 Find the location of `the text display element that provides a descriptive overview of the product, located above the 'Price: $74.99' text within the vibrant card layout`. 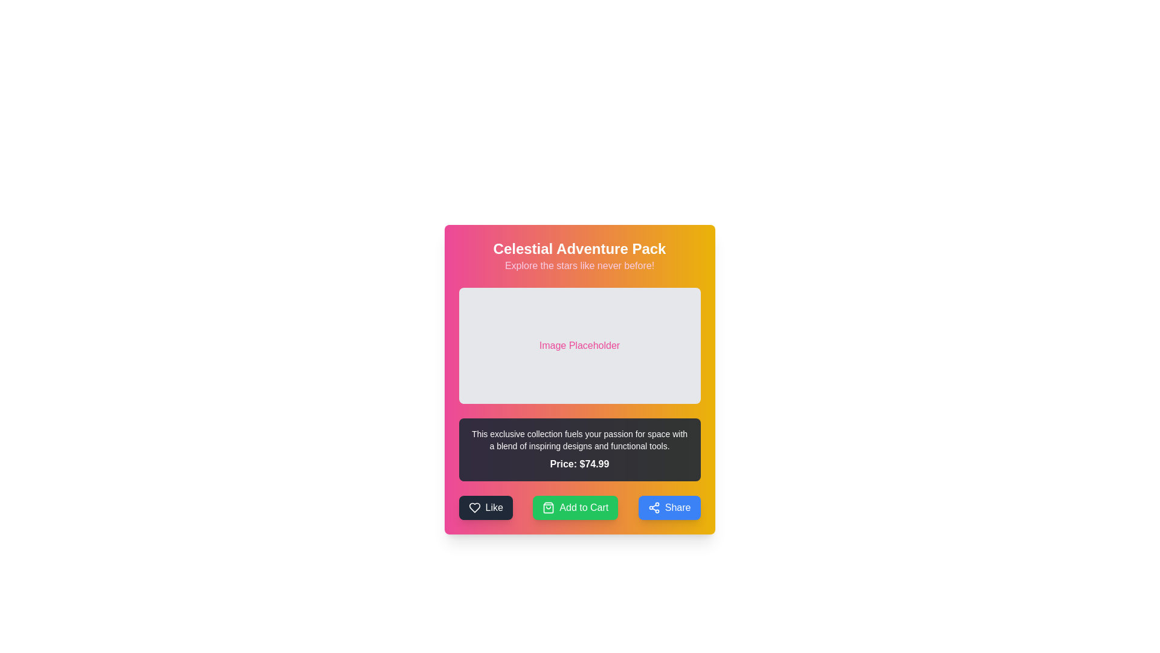

the text display element that provides a descriptive overview of the product, located above the 'Price: $74.99' text within the vibrant card layout is located at coordinates (579, 440).